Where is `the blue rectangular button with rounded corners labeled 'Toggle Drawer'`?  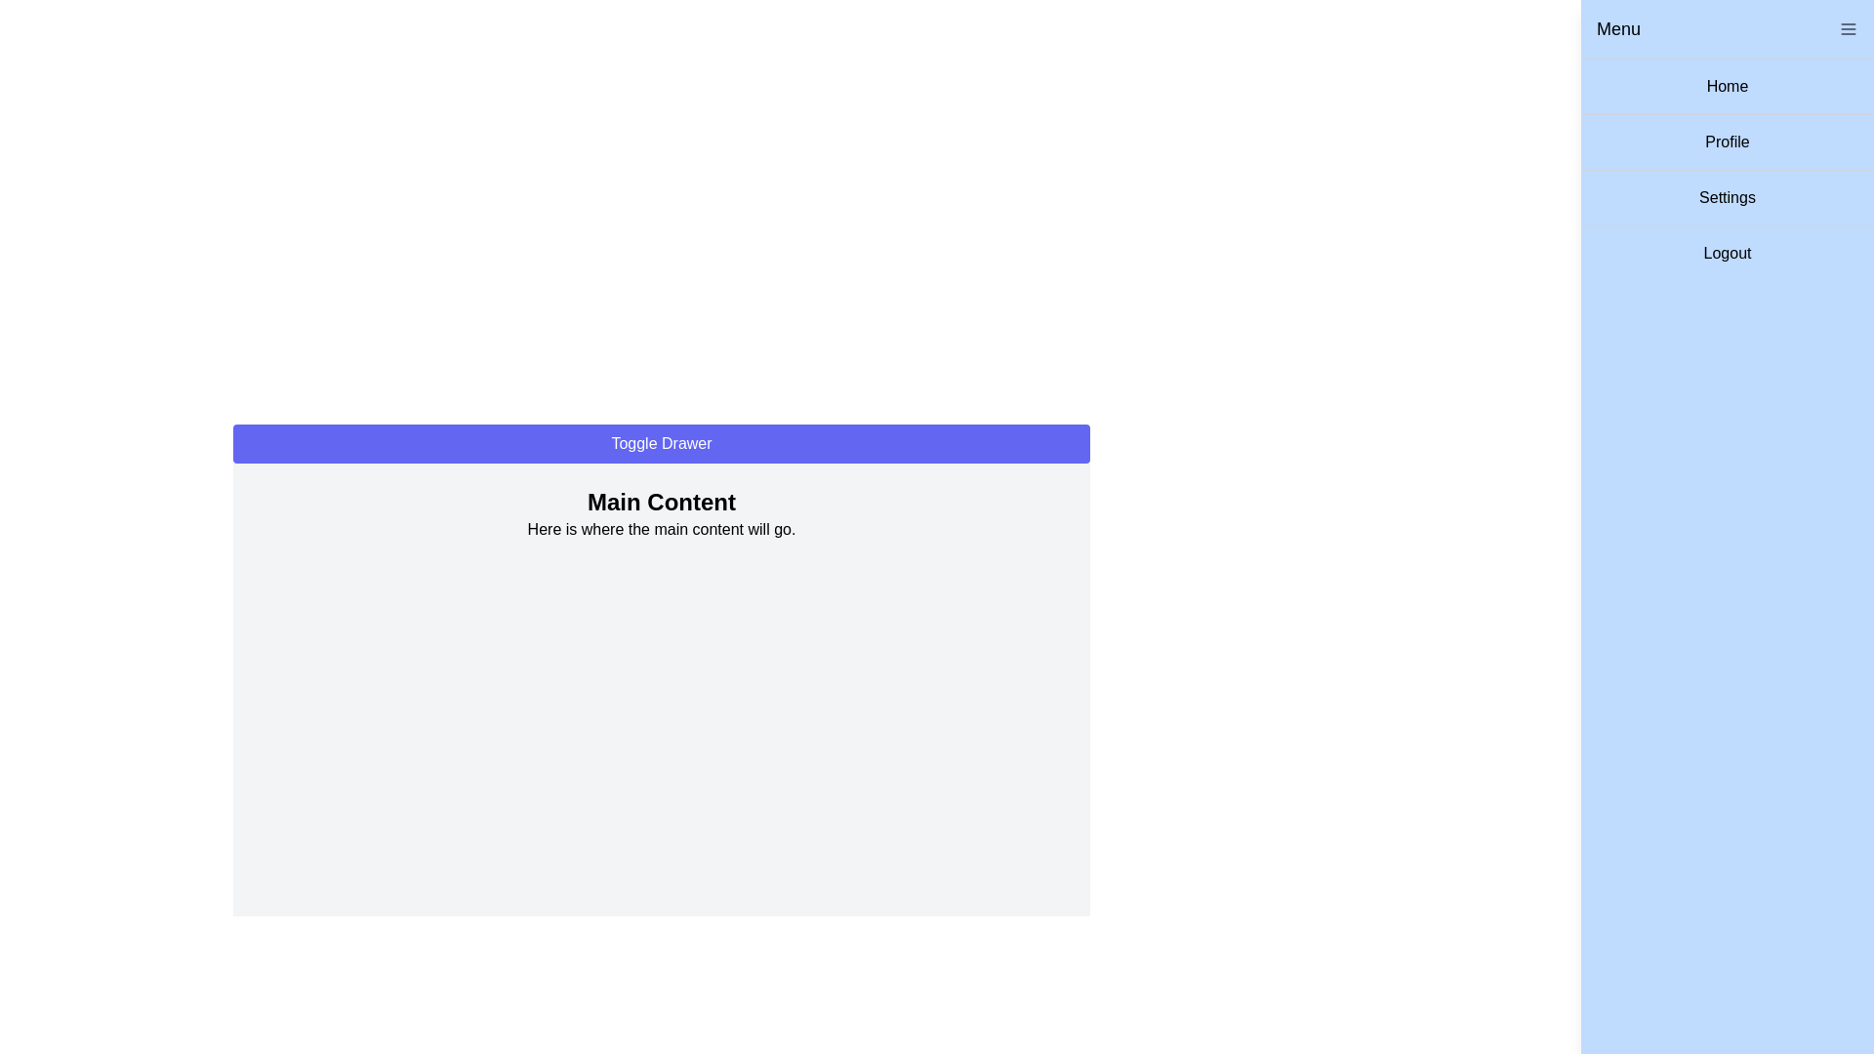
the blue rectangular button with rounded corners labeled 'Toggle Drawer' is located at coordinates (661, 444).